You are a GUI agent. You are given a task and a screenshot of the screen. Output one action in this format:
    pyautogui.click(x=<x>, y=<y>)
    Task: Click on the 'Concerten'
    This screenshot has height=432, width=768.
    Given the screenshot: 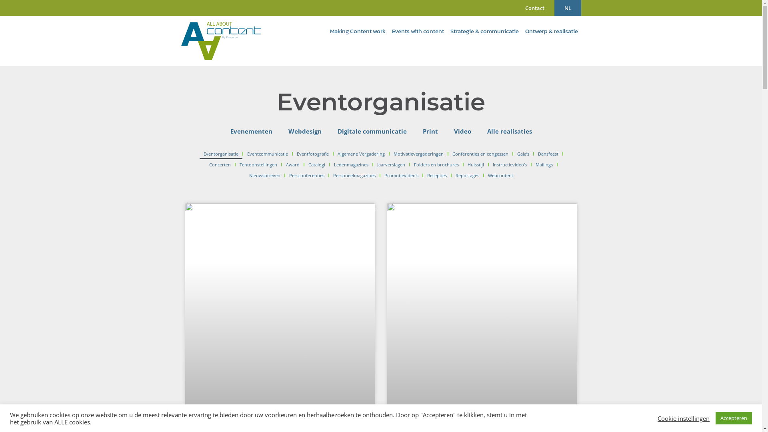 What is the action you would take?
    pyautogui.click(x=219, y=164)
    